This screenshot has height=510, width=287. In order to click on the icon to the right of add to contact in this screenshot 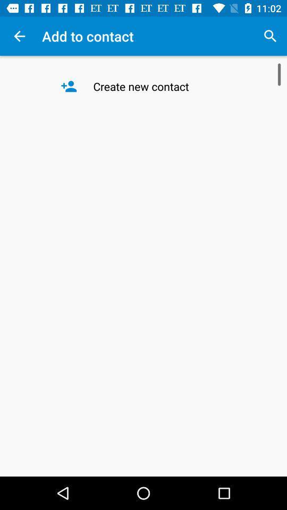, I will do `click(270, 36)`.